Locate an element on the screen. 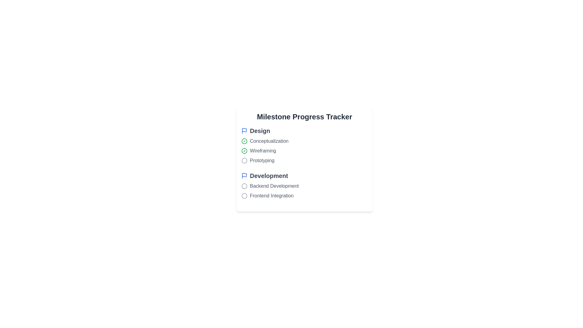  the circular status indicator located to the left of the 'Frontend Integration' label in the 'Development' section is located at coordinates (244, 196).